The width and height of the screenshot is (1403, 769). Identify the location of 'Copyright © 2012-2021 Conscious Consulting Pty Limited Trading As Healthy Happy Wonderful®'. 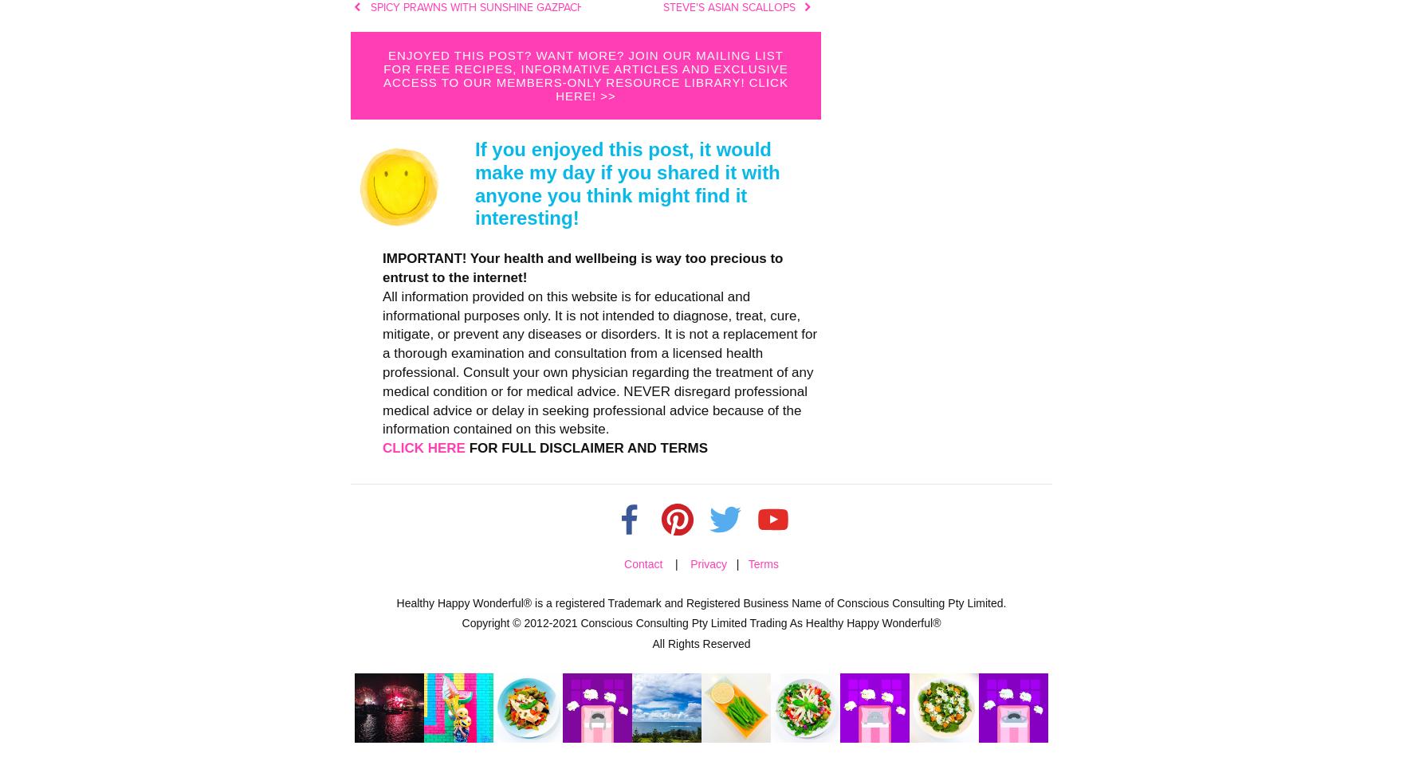
(700, 623).